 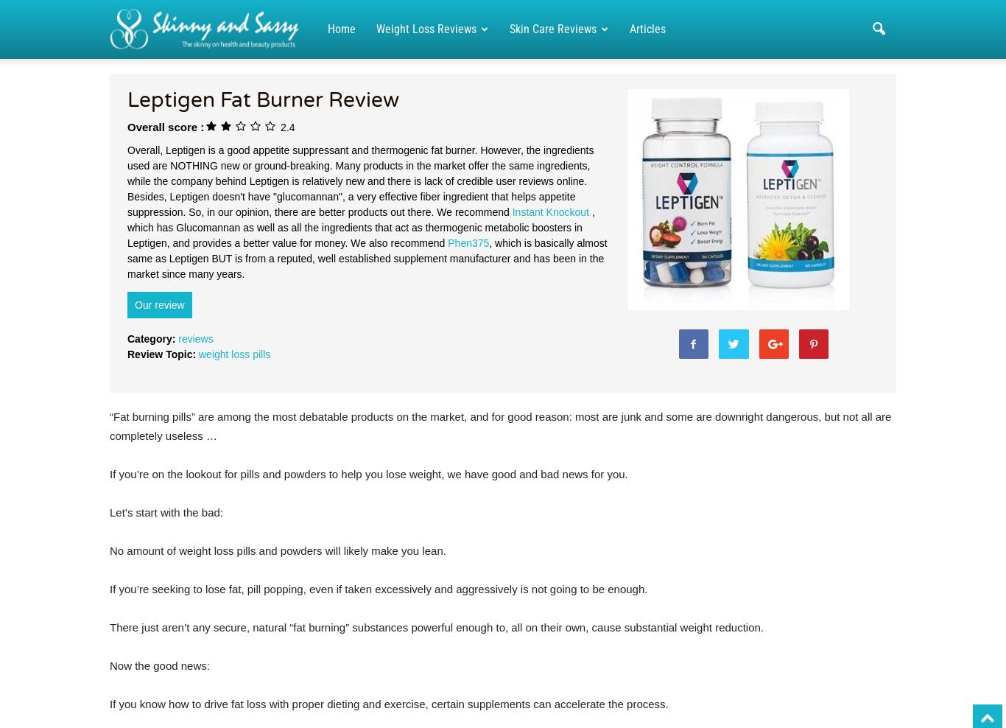 What do you see at coordinates (435, 627) in the screenshot?
I see `'There just aren’t any secure, natural “fat burning” substances powerful enough to, all on their own, cause substantial weight reduction.'` at bounding box center [435, 627].